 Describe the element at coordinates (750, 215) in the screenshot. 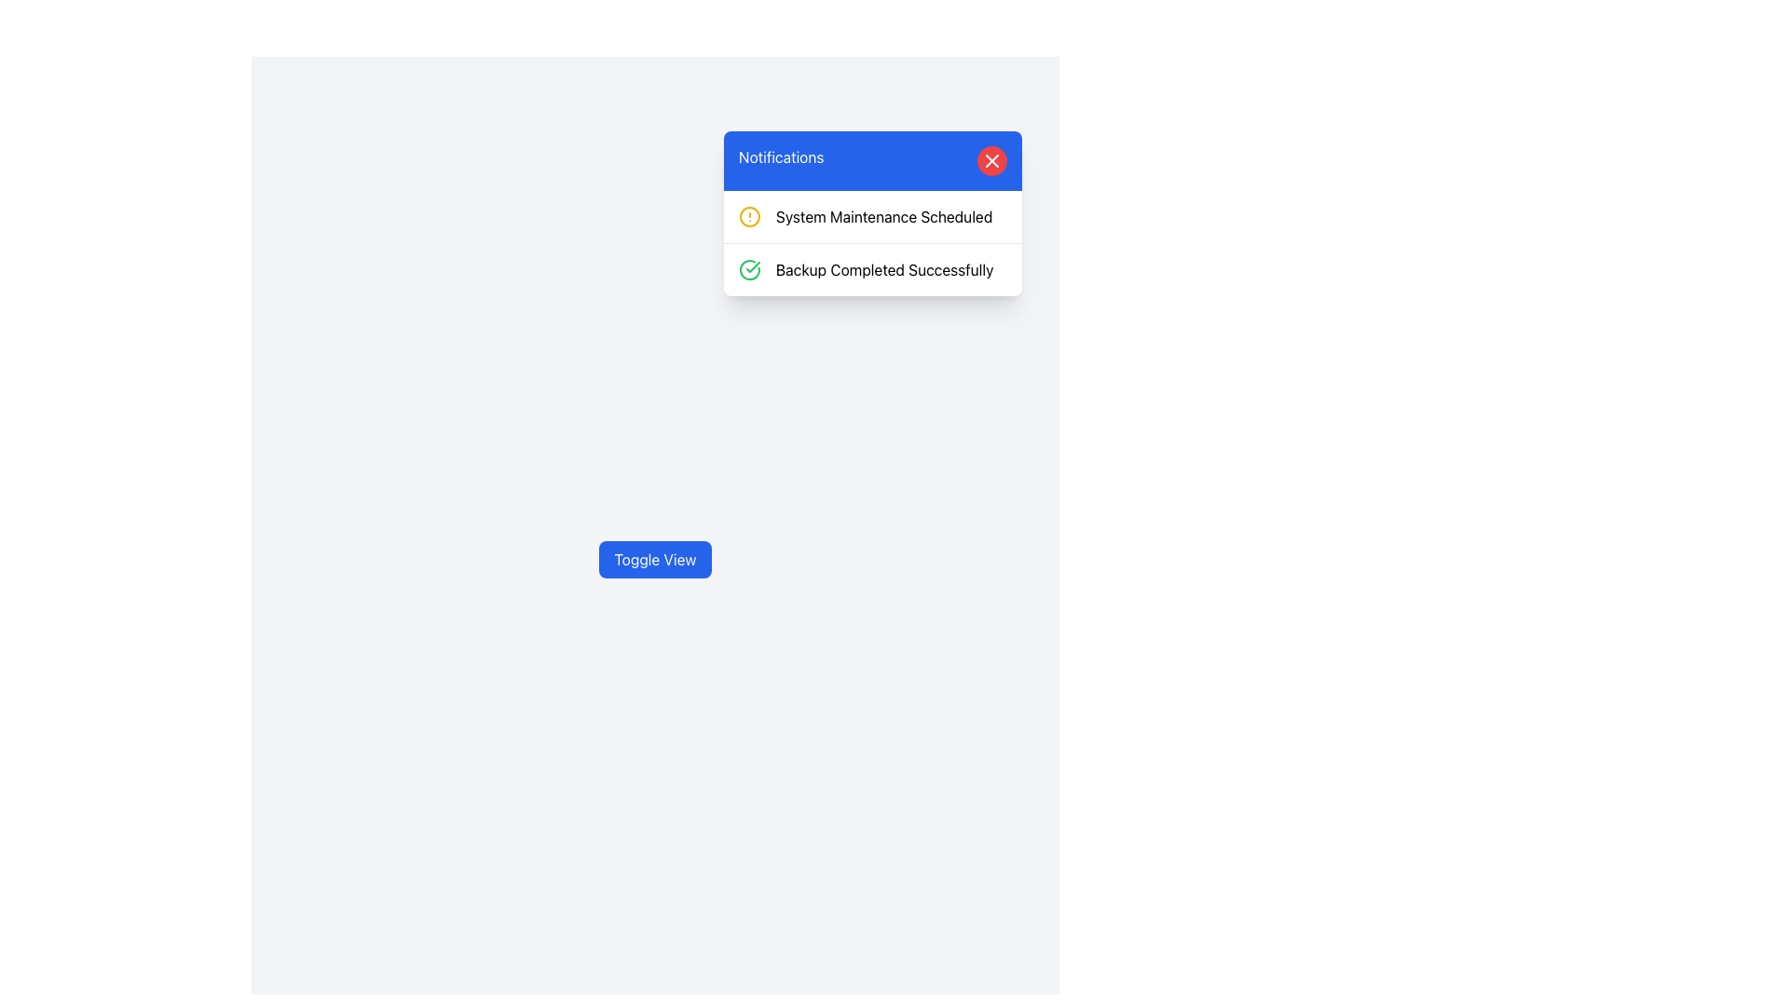

I see `the graphical circle element that serves as the background for an alert icon in the notification dropdown, located next to the first notification entry` at that location.